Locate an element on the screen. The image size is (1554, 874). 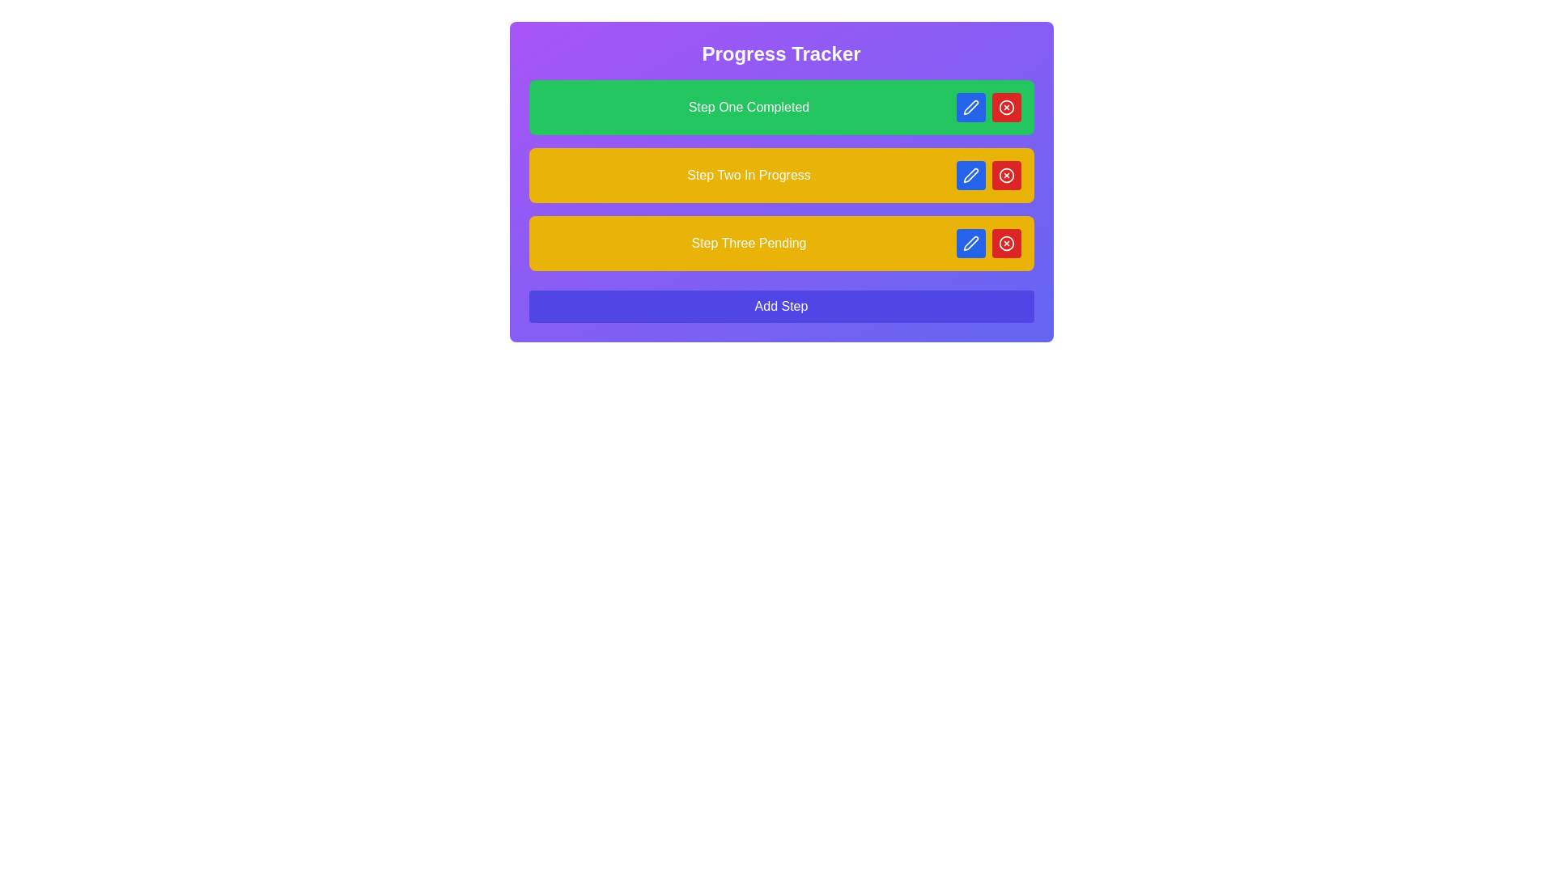
the first button in the 'Step Two In Progress' section of the progress tracker is located at coordinates (970, 175).